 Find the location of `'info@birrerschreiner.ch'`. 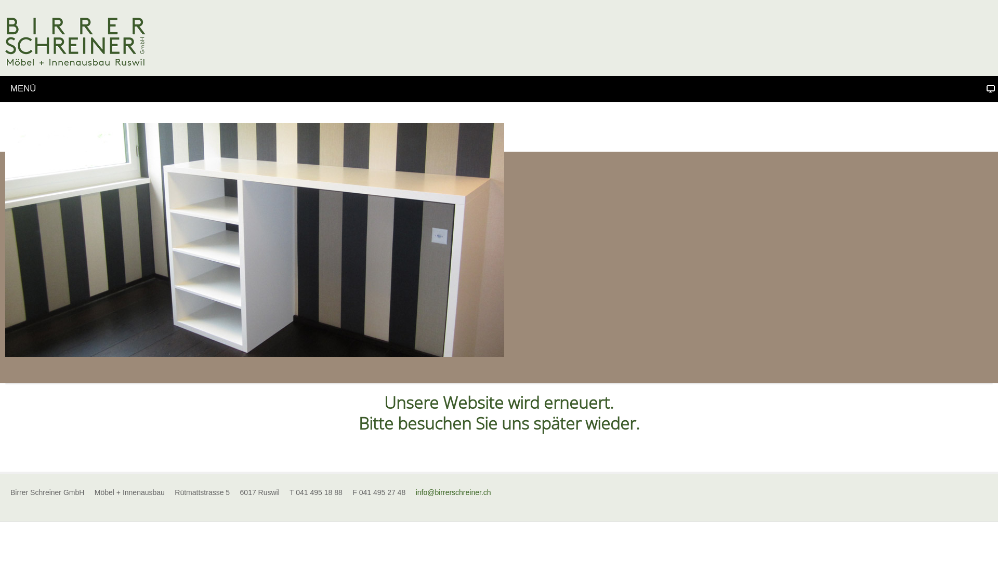

'info@birrerschreiner.ch' is located at coordinates (416, 492).